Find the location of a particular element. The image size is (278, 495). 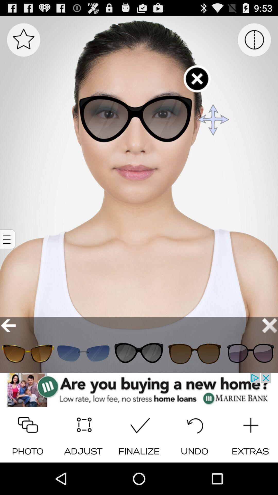

adventisment page is located at coordinates (139, 390).